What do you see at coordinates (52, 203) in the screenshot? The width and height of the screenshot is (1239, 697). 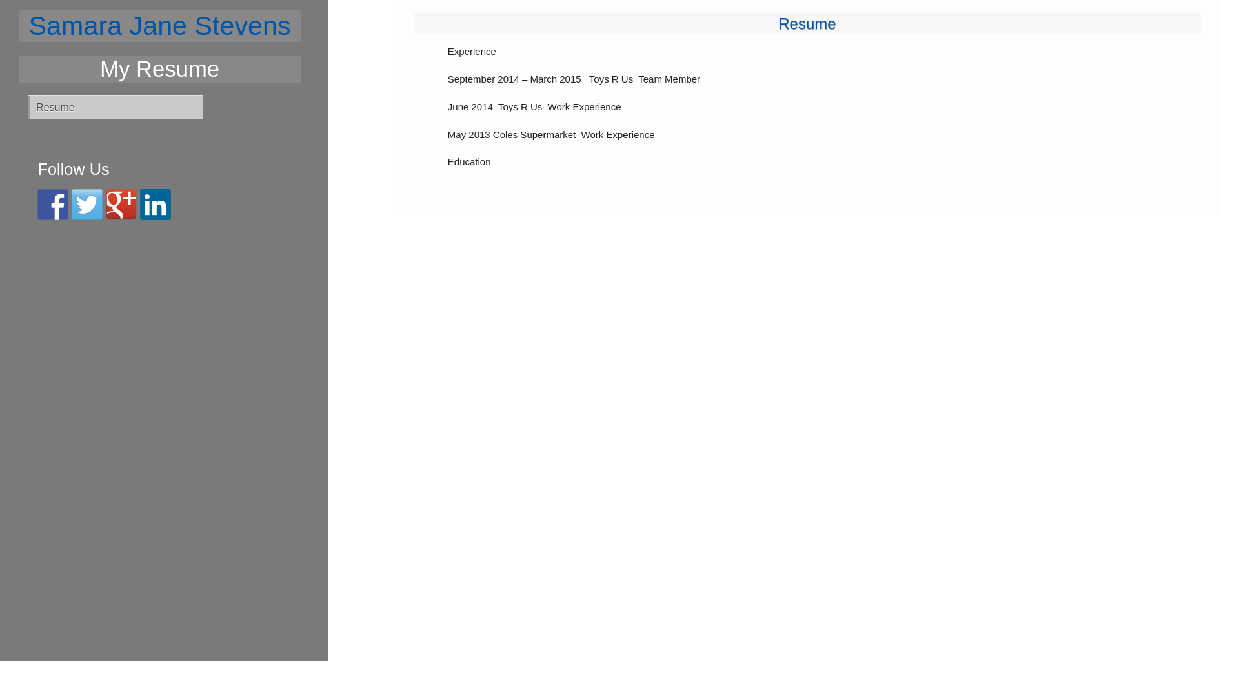 I see `'Follow us on Facebook'` at bounding box center [52, 203].